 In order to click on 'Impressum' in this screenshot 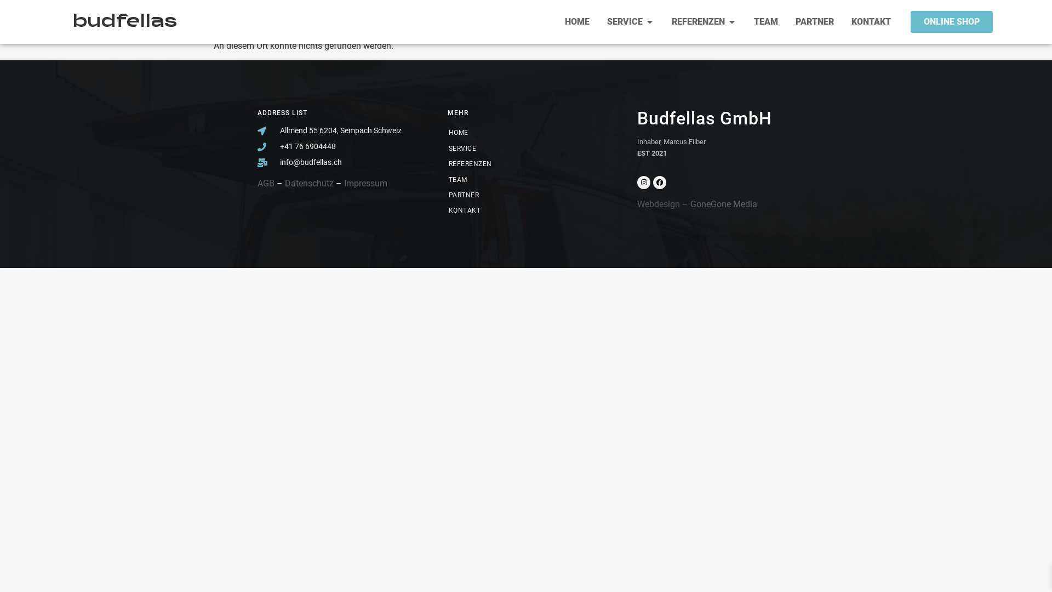, I will do `click(365, 183)`.